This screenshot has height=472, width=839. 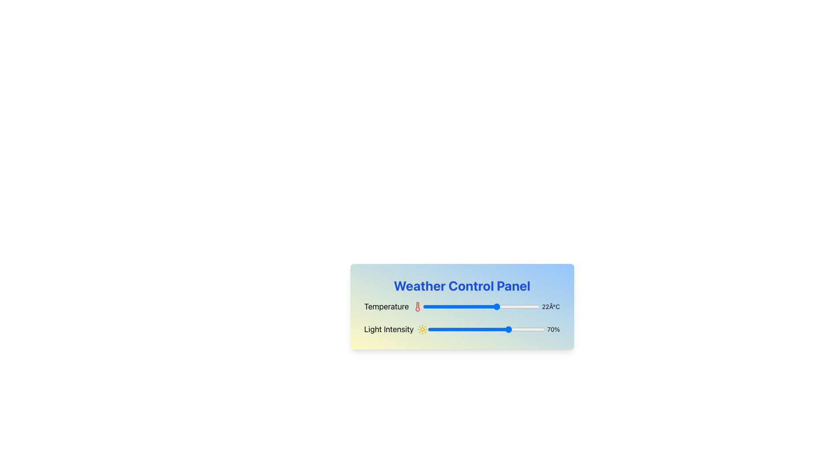 What do you see at coordinates (417, 306) in the screenshot?
I see `the thermometer-like icon, which is red in color and signifies temperature measurement, located to the right of the 'Temperature' label and adjacent to a horizontal slider in the 'Weather Control Panel'` at bounding box center [417, 306].